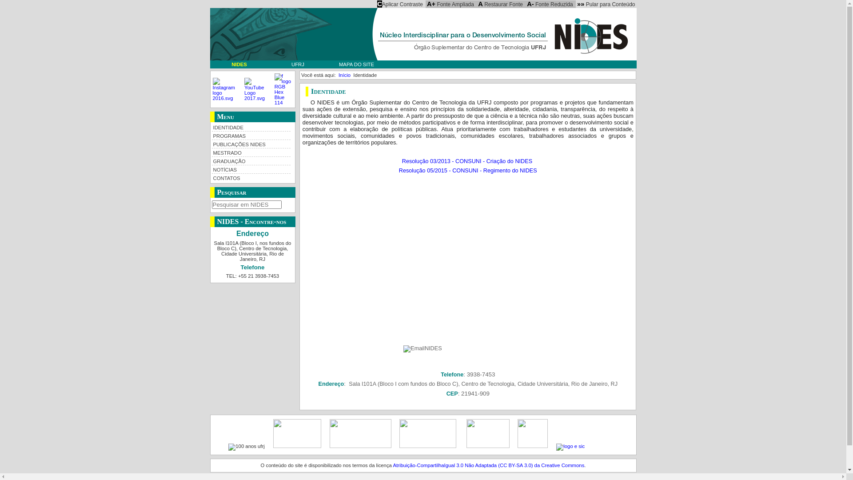 The image size is (853, 480). I want to click on 'YouTube video player', so click(343, 256).